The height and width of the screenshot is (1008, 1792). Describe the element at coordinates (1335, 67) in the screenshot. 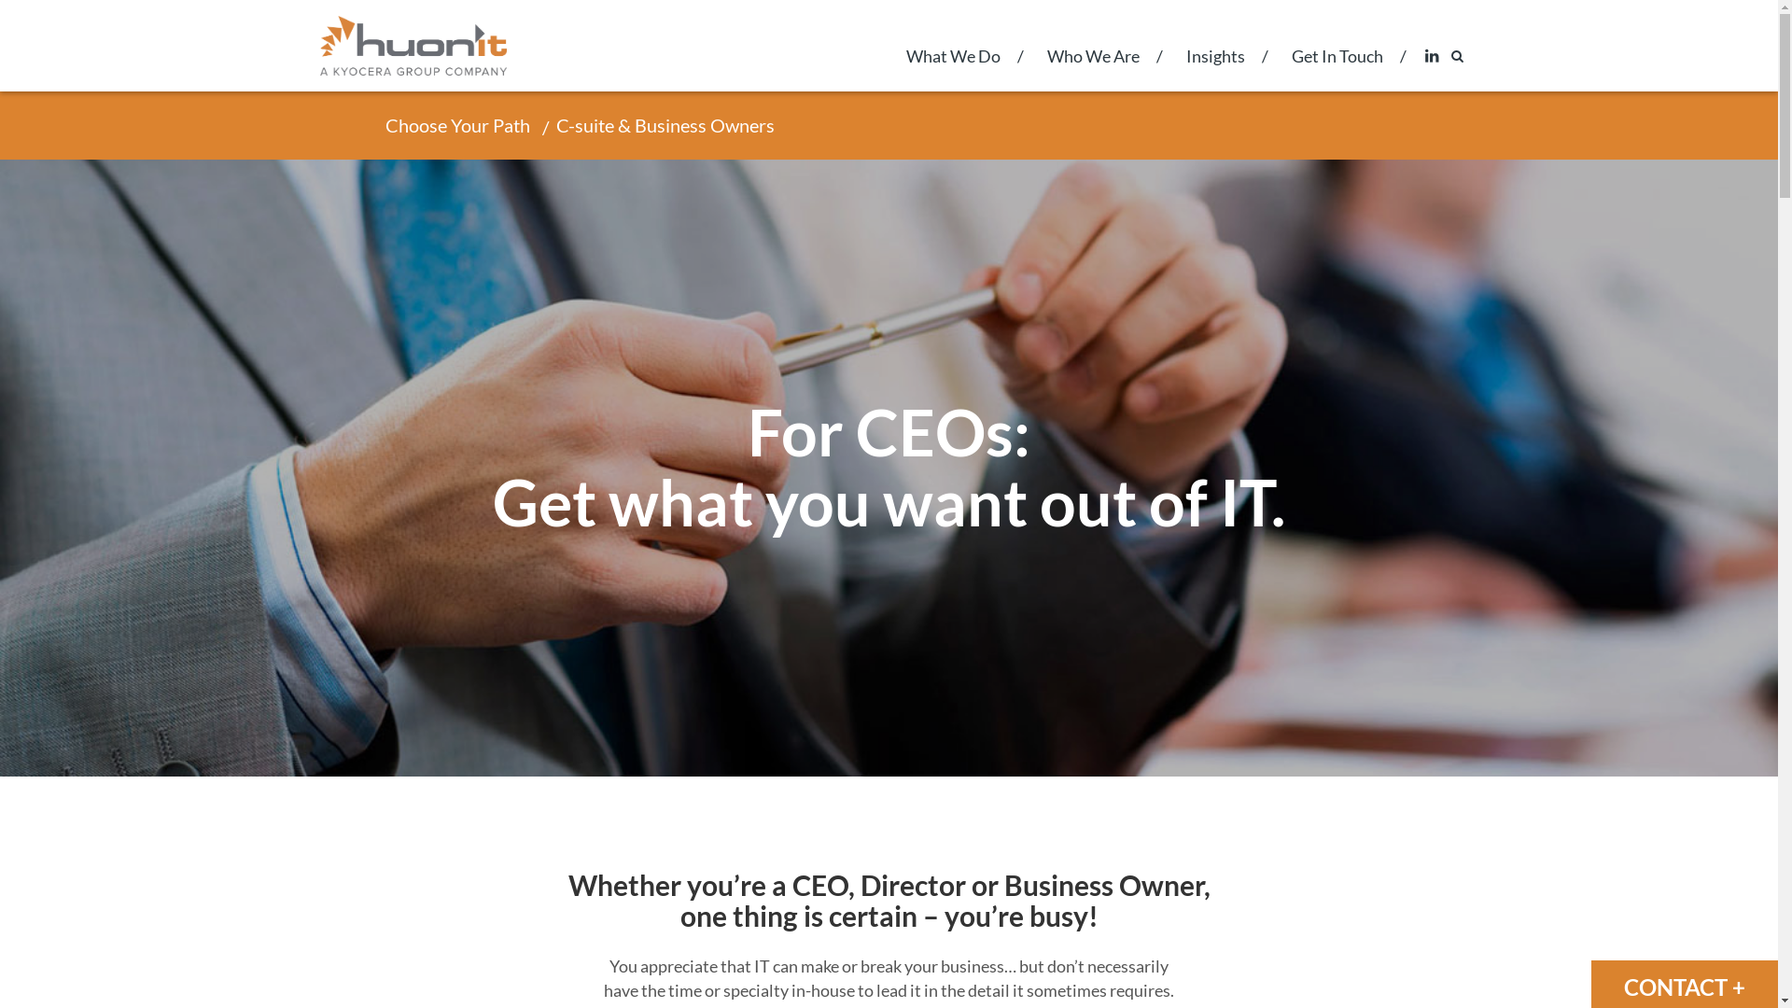

I see `'Get In Touch'` at that location.